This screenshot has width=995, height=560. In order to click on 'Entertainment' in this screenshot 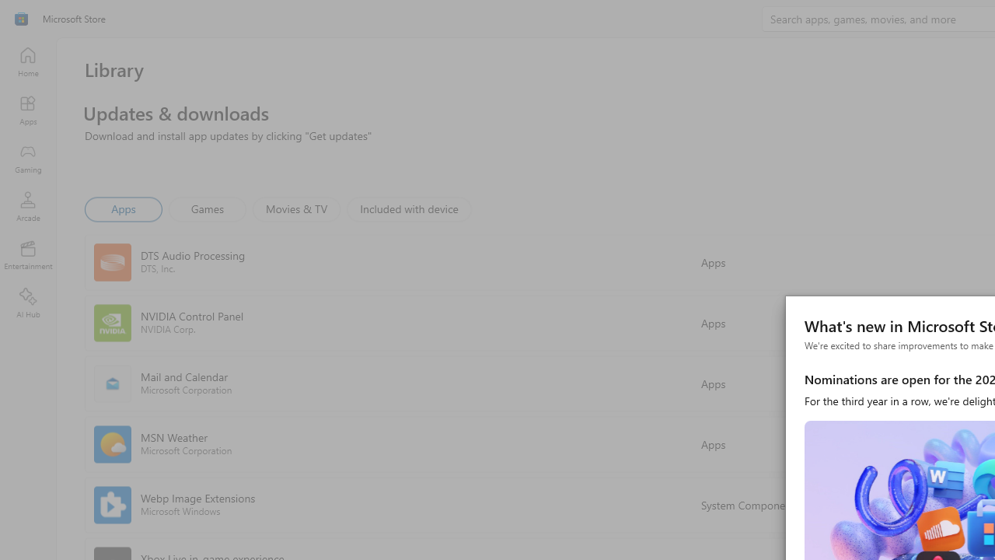, I will do `click(27, 254)`.